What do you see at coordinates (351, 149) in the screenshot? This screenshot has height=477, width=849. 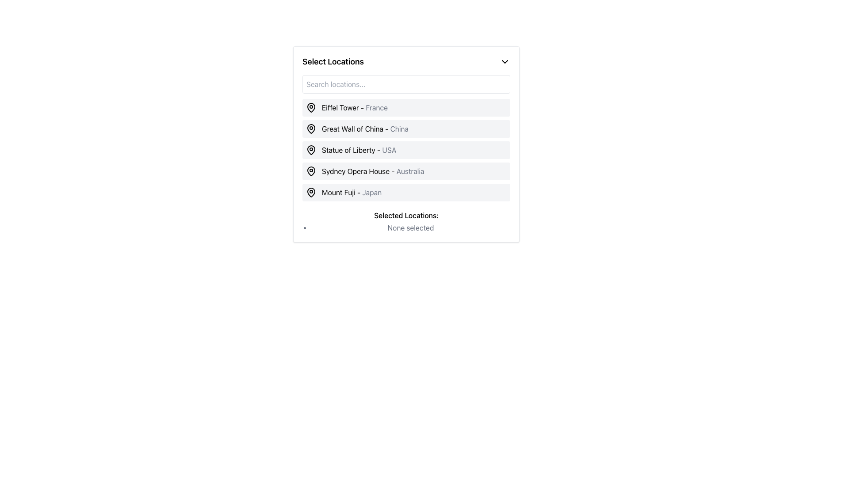 I see `the third item in the 'Select Locations' dropdown, which features a map pin icon and the text 'Statue of Liberty - USA'` at bounding box center [351, 149].